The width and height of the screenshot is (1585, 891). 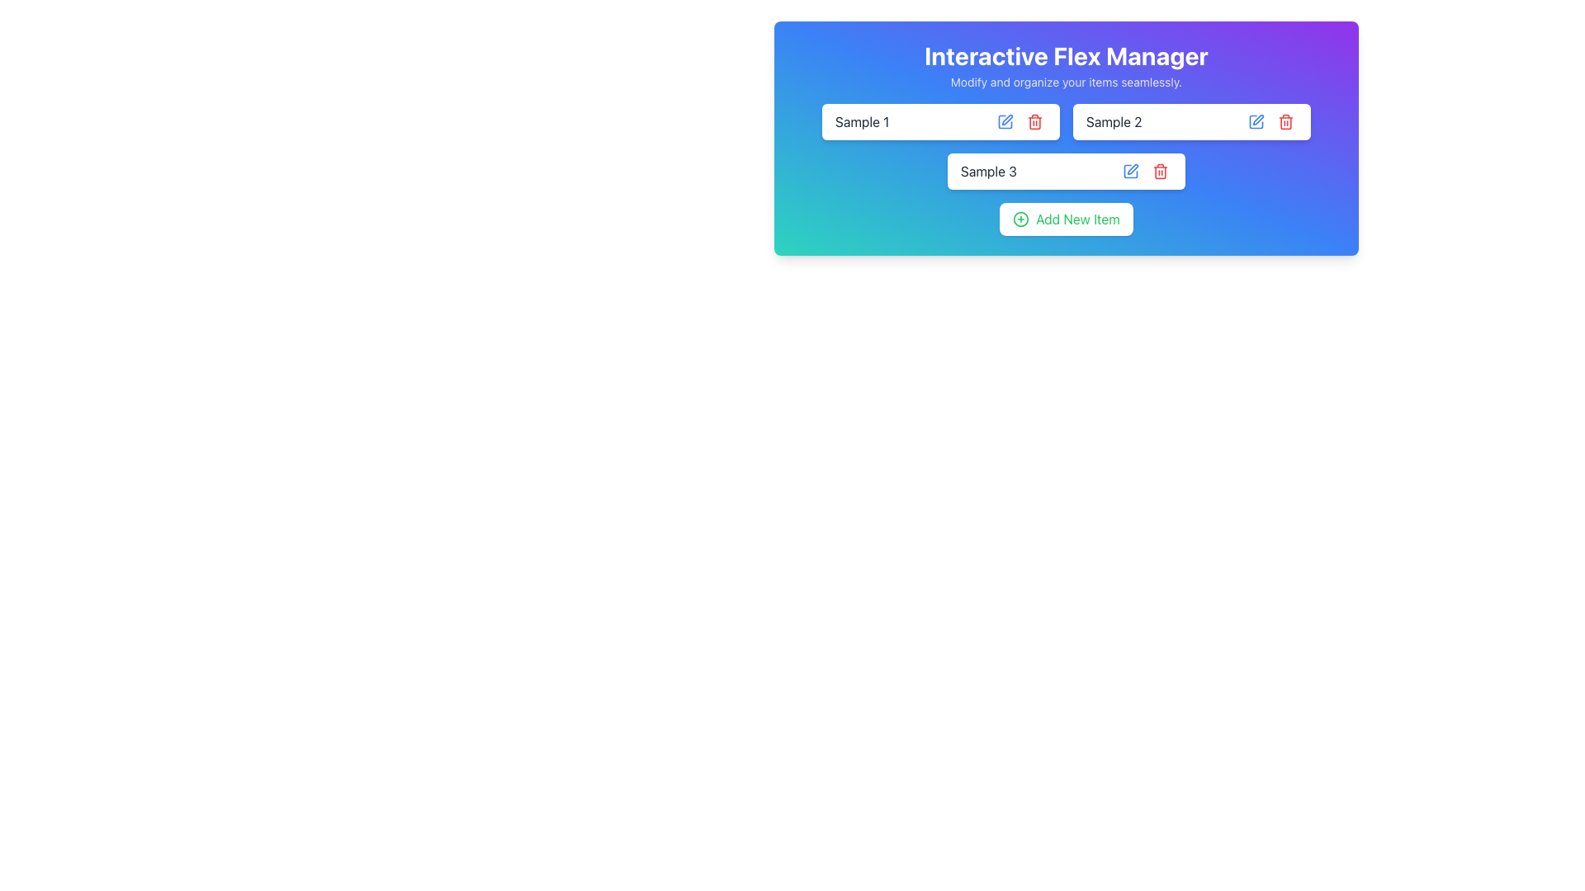 I want to click on the icon button resembling a square with a pen inside it, located to the right of the 'Sample 2' label, so click(x=1255, y=120).